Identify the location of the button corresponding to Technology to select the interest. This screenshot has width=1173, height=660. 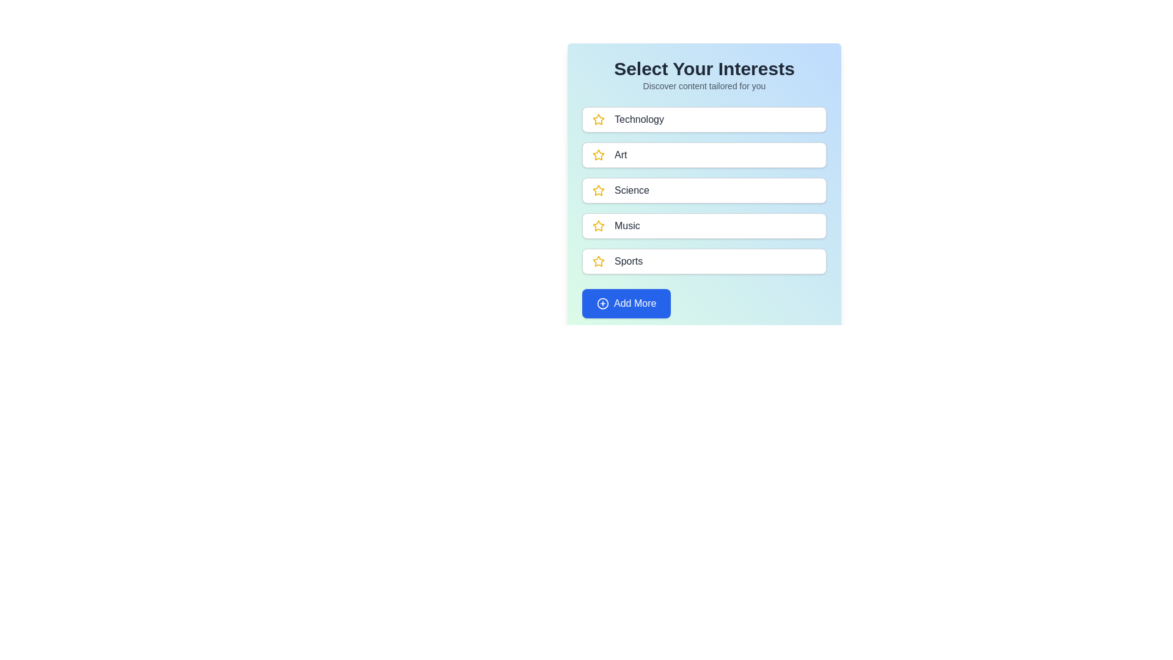
(704, 120).